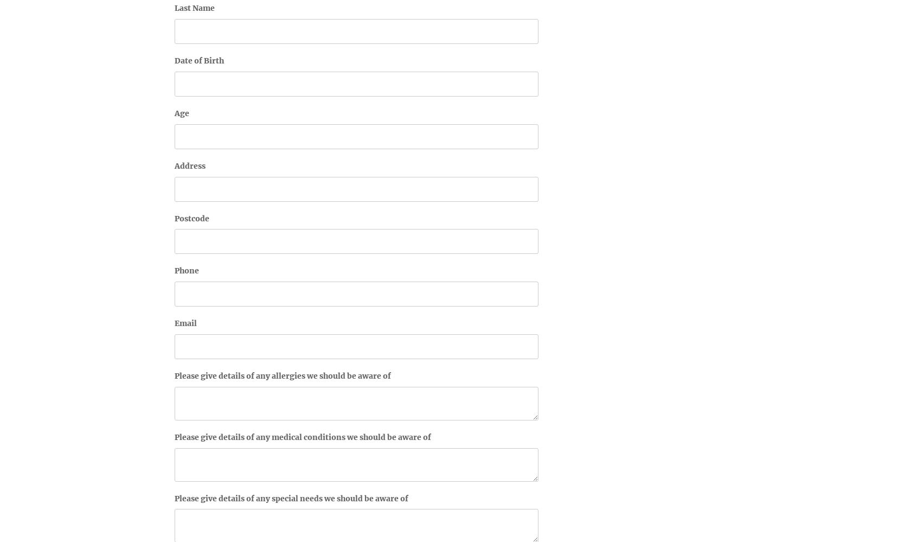 The width and height of the screenshot is (911, 542). I want to click on 'Please give details of any special needs we should be aware of', so click(291, 498).